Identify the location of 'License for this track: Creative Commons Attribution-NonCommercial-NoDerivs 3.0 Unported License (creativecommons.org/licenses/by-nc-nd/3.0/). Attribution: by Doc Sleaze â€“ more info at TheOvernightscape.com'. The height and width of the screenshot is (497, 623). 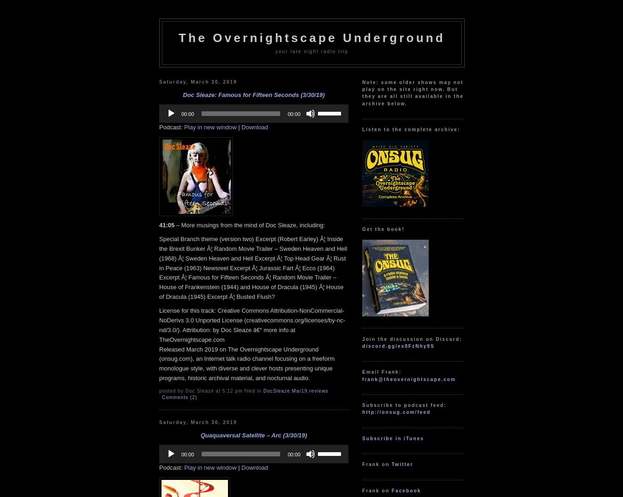
(252, 325).